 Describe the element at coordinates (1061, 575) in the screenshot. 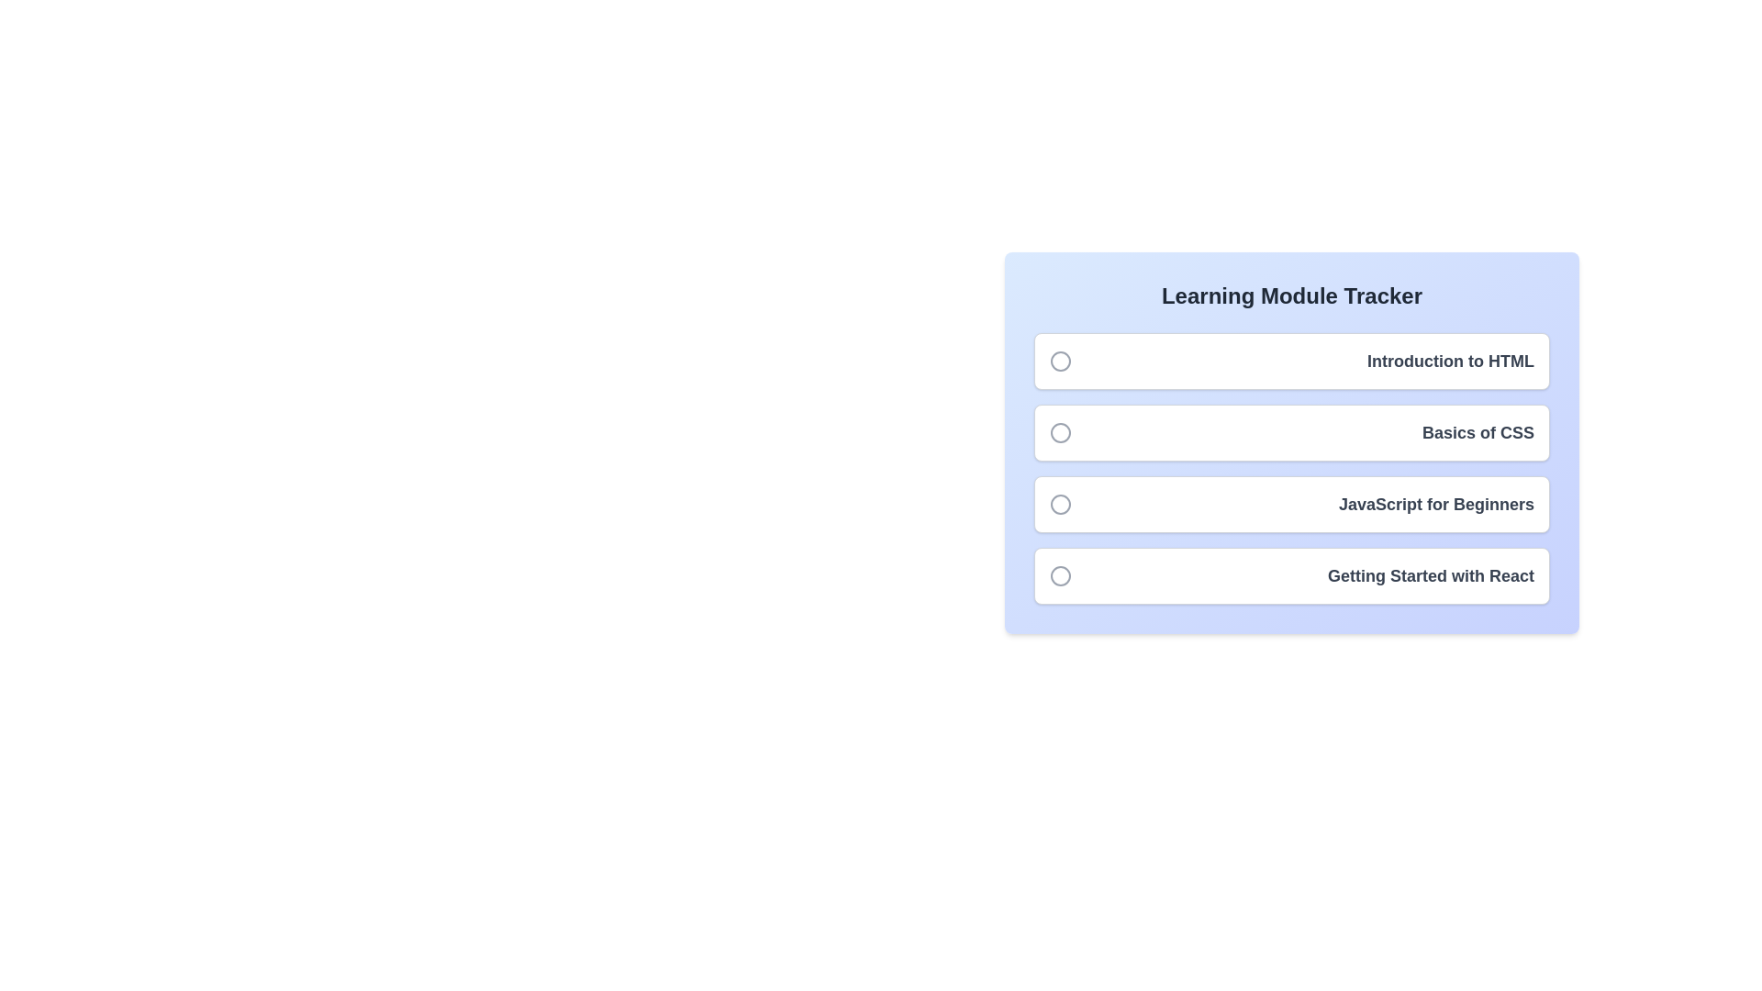

I see `the radio button for the 'Getting Started with React' module` at that location.